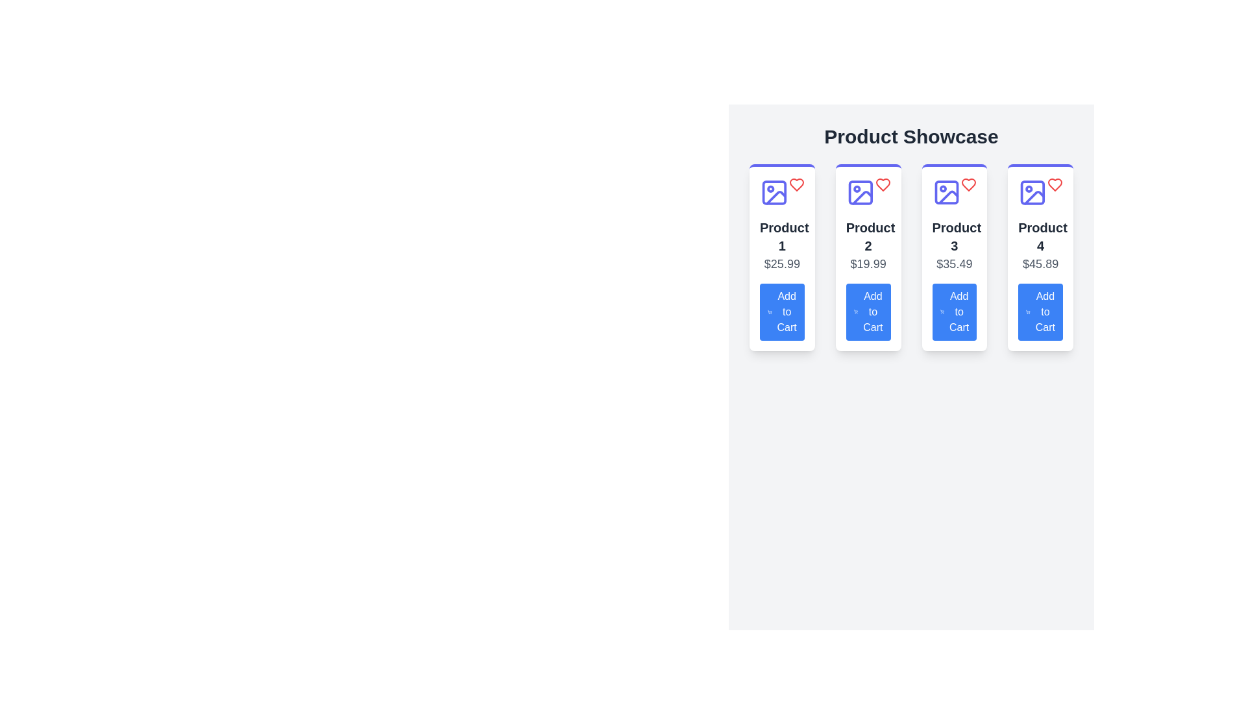 This screenshot has width=1246, height=701. I want to click on the blue button labeled 'Add to Cart' with rounded corners, so click(868, 312).